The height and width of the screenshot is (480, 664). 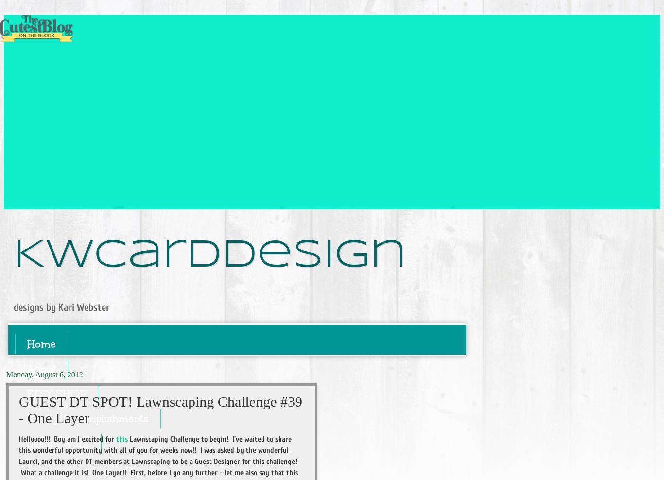 What do you see at coordinates (67, 438) in the screenshot?
I see `'Helloooo!!!  Boy am I excited for'` at bounding box center [67, 438].